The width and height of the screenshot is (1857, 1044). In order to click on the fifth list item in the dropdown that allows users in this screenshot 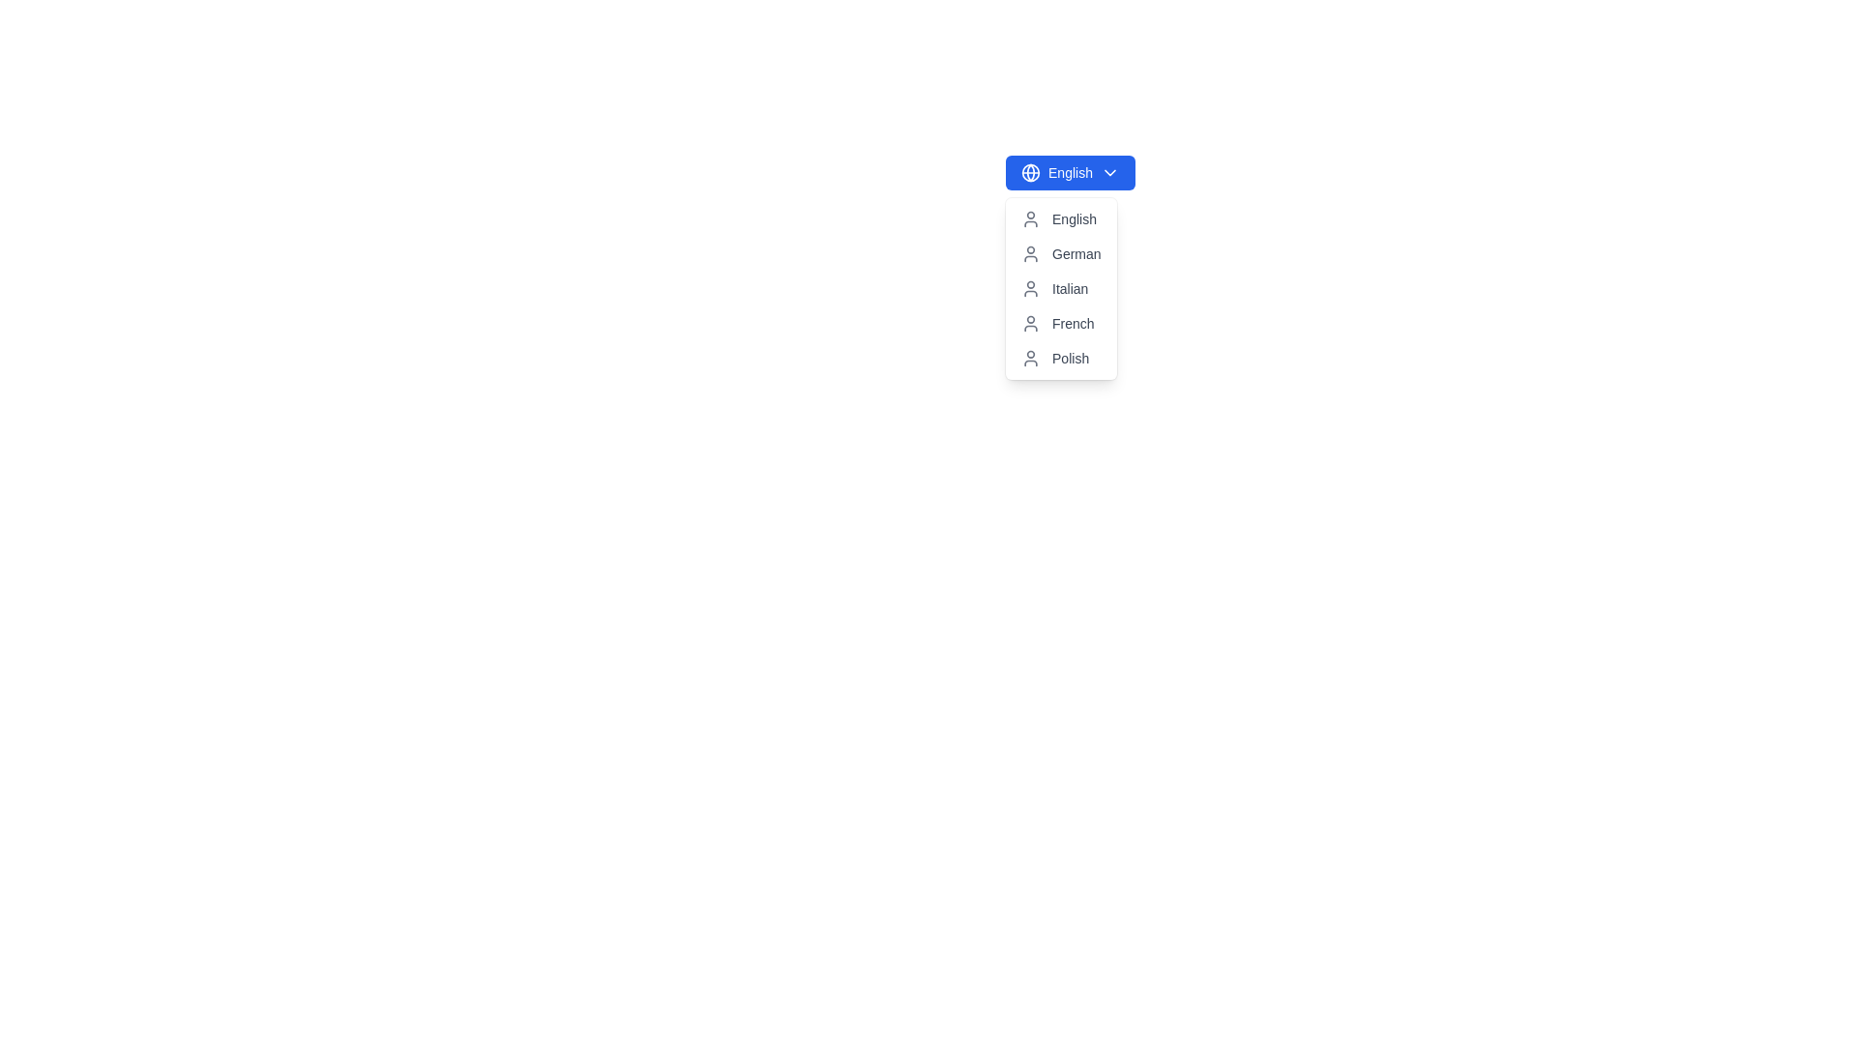, I will do `click(1060, 358)`.